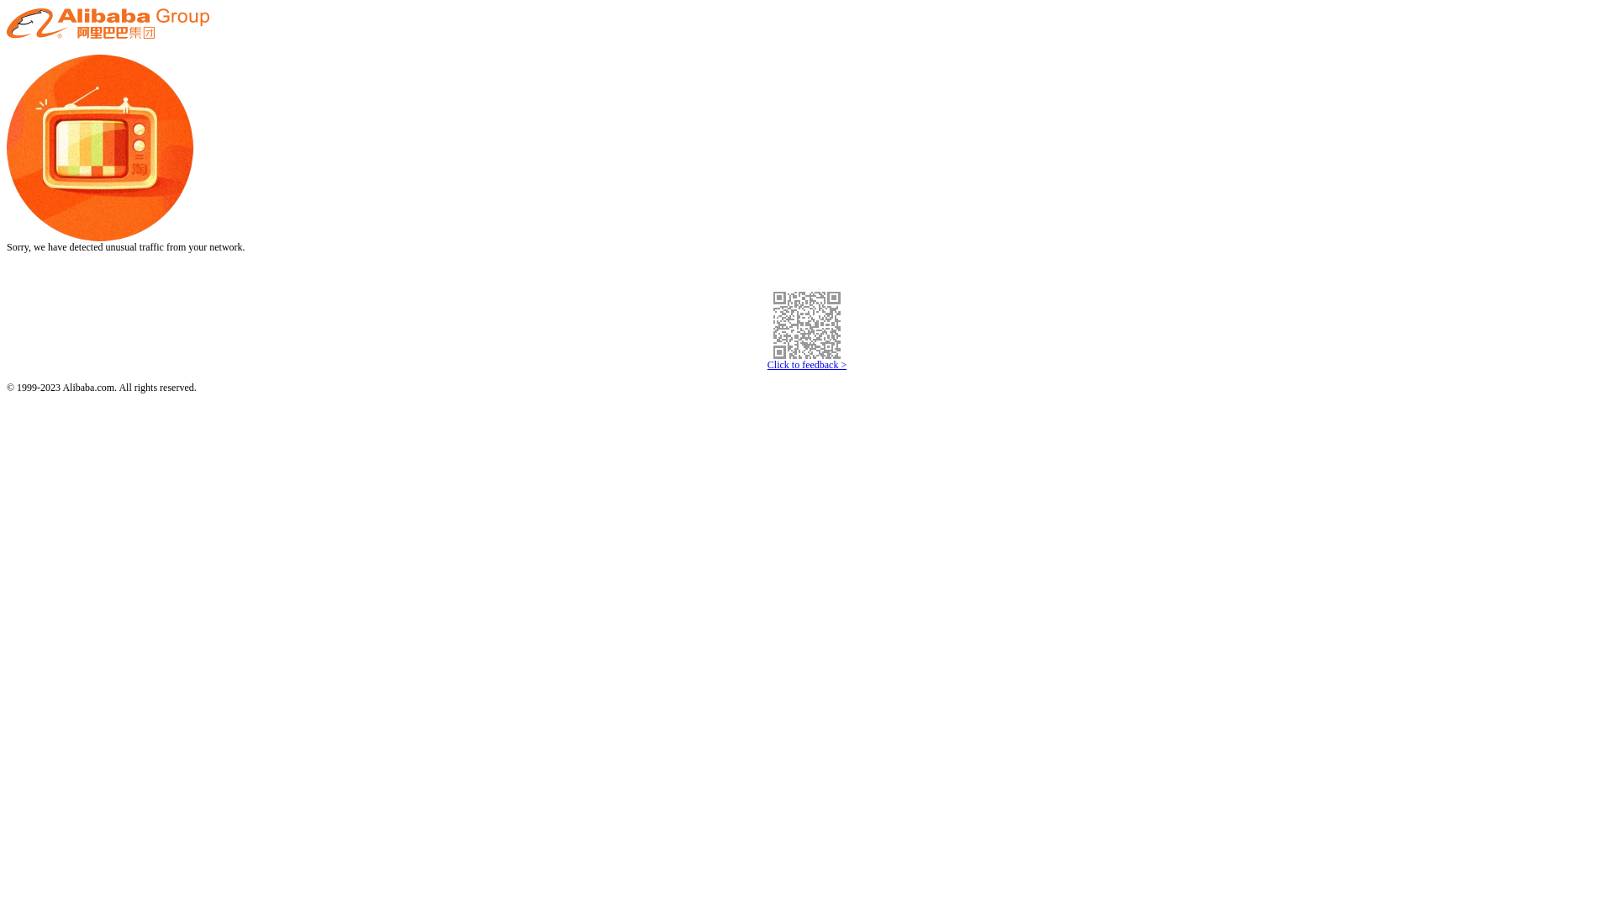 This screenshot has width=1614, height=908. I want to click on '9gKUFtMBv64fOrr-O5skVw|ZWIk5A|gqtLDQ_0', so click(807, 325).